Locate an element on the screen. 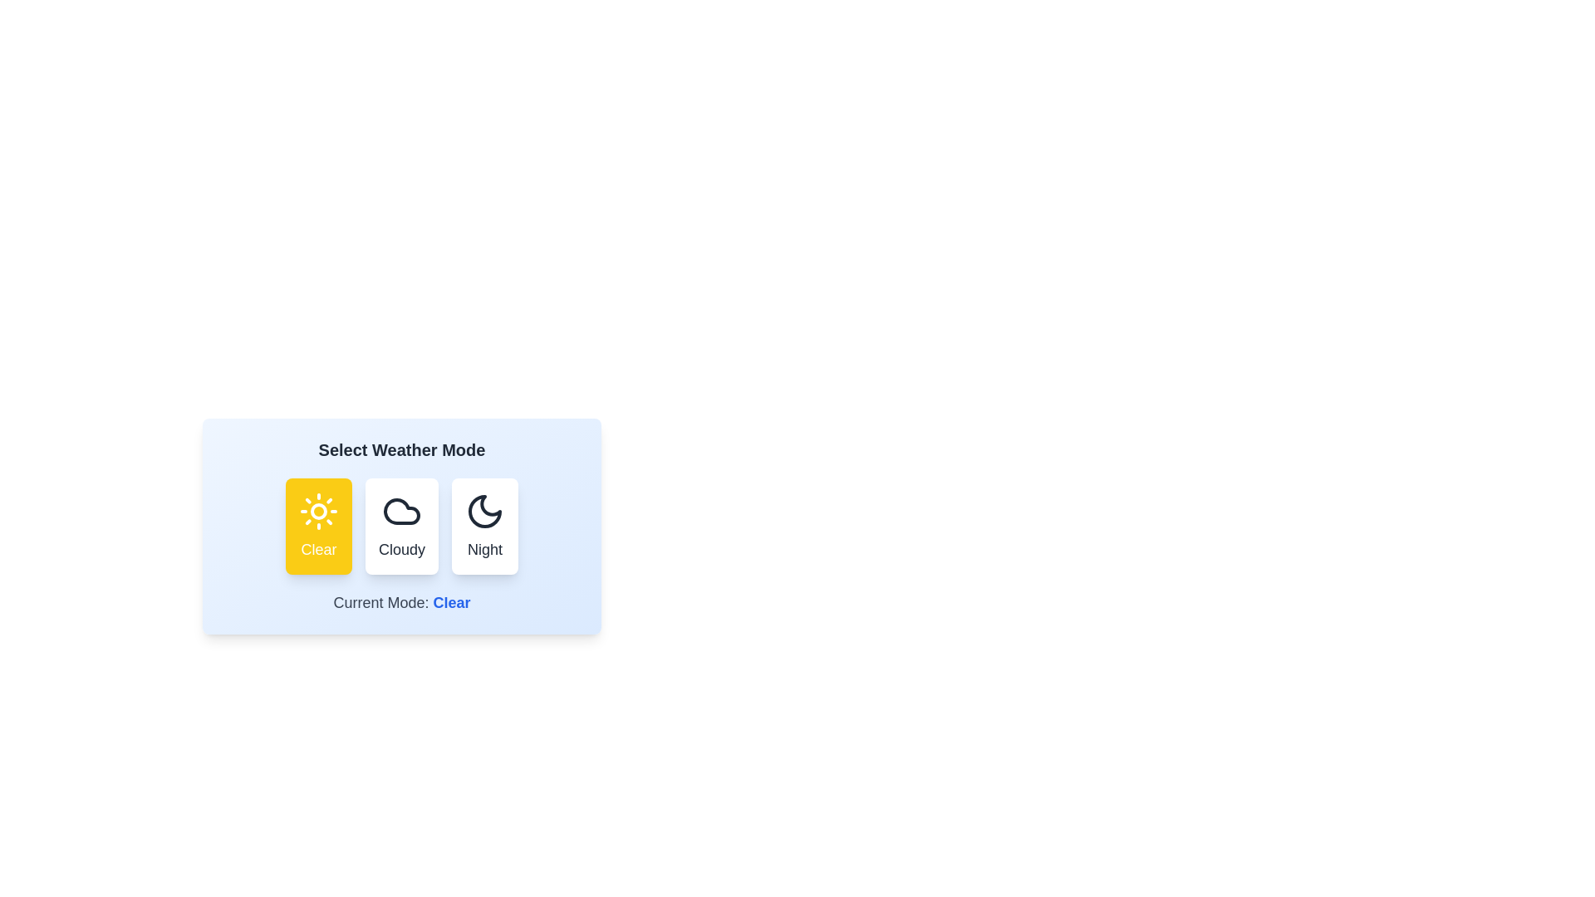  the Night button to view its hover effect is located at coordinates (484, 526).